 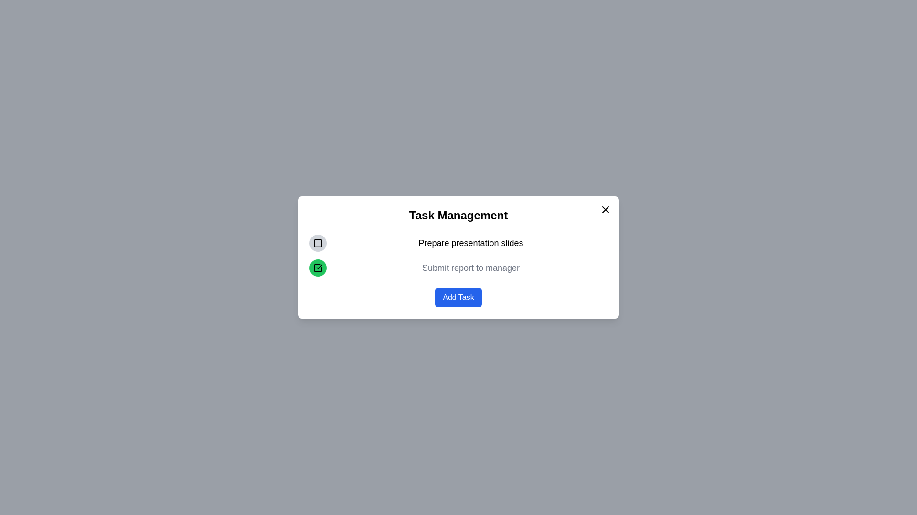 I want to click on the task completion icon button located on the left side of the task management dialog box, positioned below the empty square icon button, so click(x=318, y=268).